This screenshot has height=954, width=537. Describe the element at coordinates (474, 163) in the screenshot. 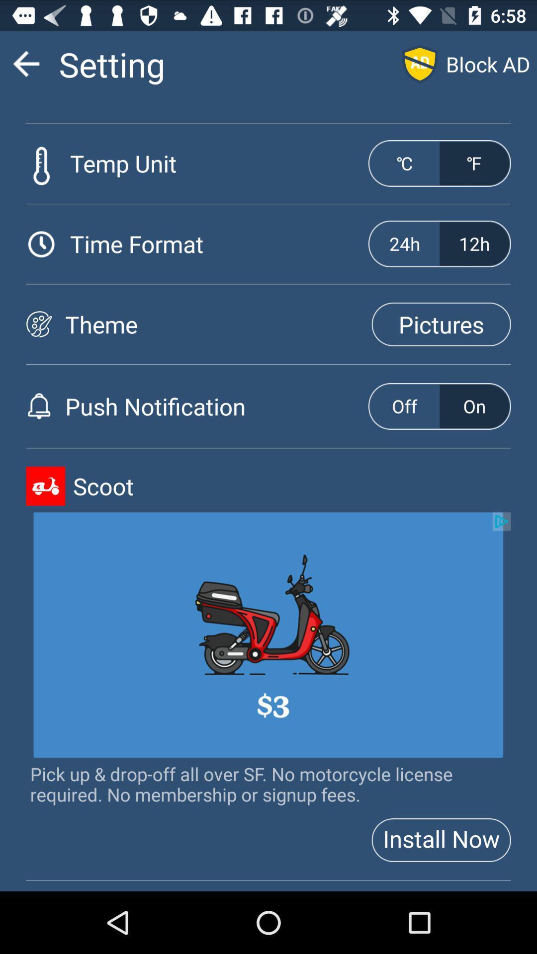

I see `fahrenheit scale in the temperature unit` at that location.